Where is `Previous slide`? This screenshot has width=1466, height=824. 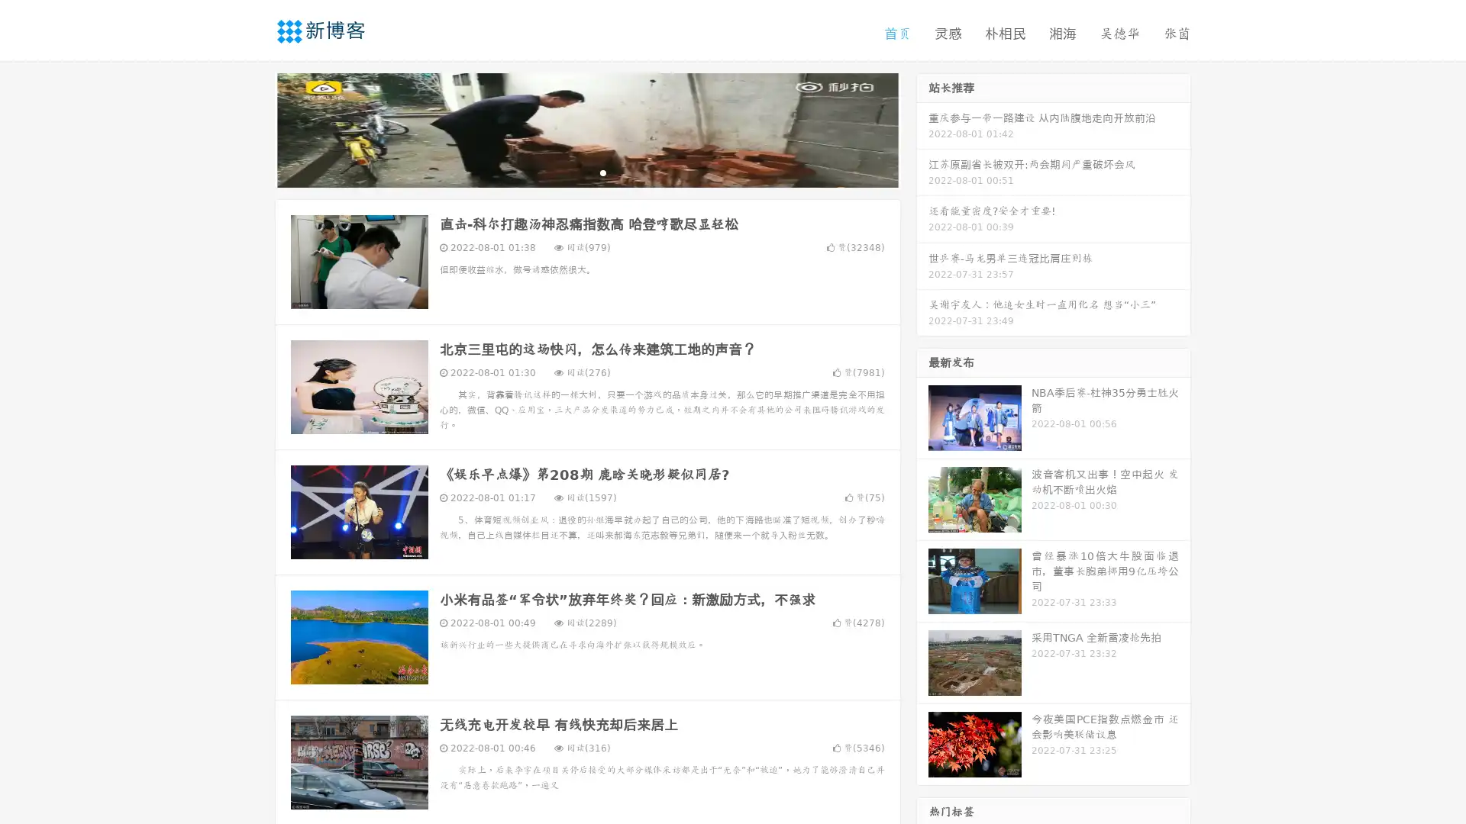 Previous slide is located at coordinates (252, 128).